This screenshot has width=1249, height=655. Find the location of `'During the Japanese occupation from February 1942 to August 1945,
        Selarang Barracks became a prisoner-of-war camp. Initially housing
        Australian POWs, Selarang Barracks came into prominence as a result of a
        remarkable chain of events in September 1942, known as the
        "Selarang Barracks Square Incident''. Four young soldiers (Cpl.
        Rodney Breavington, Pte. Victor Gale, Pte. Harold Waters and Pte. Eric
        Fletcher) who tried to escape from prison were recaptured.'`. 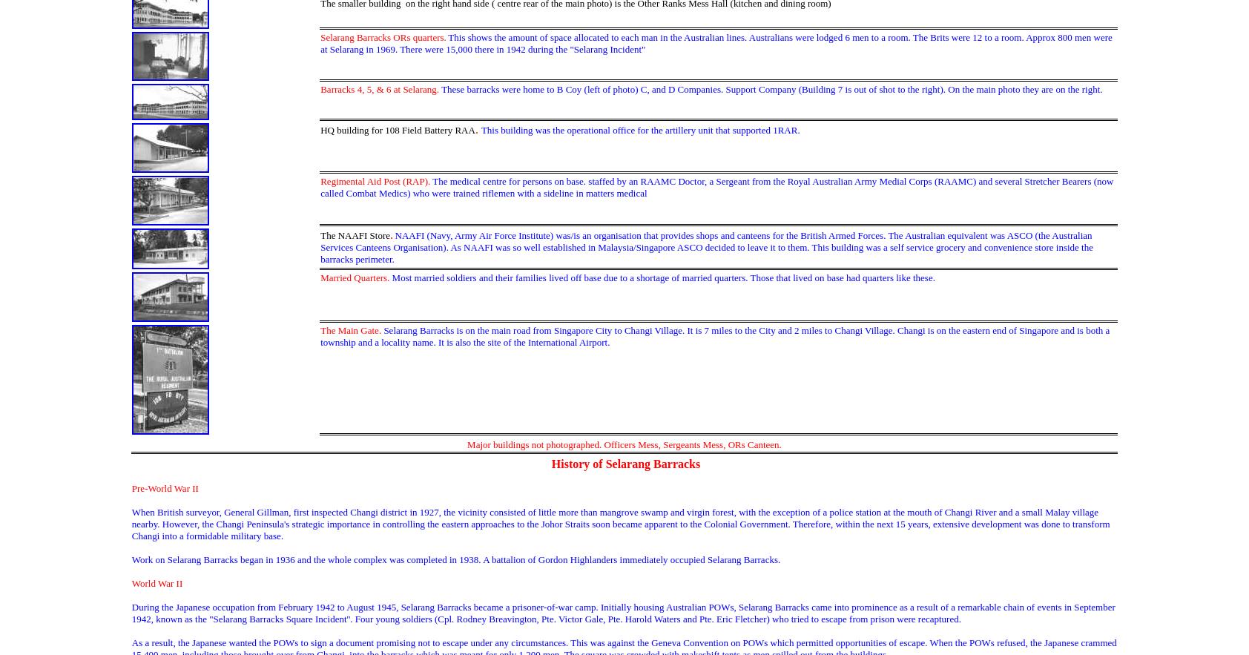

'During the Japanese occupation from February 1942 to August 1945,
        Selarang Barracks became a prisoner-of-war camp. Initially housing
        Australian POWs, Selarang Barracks came into prominence as a result of a
        remarkable chain of events in September 1942, known as the
        "Selarang Barracks Square Incident''. Four young soldiers (Cpl.
        Rodney Breavington, Pte. Victor Gale, Pte. Harold Waters and Pte. Eric
        Fletcher) who tried to escape from prison were recaptured.' is located at coordinates (130, 613).